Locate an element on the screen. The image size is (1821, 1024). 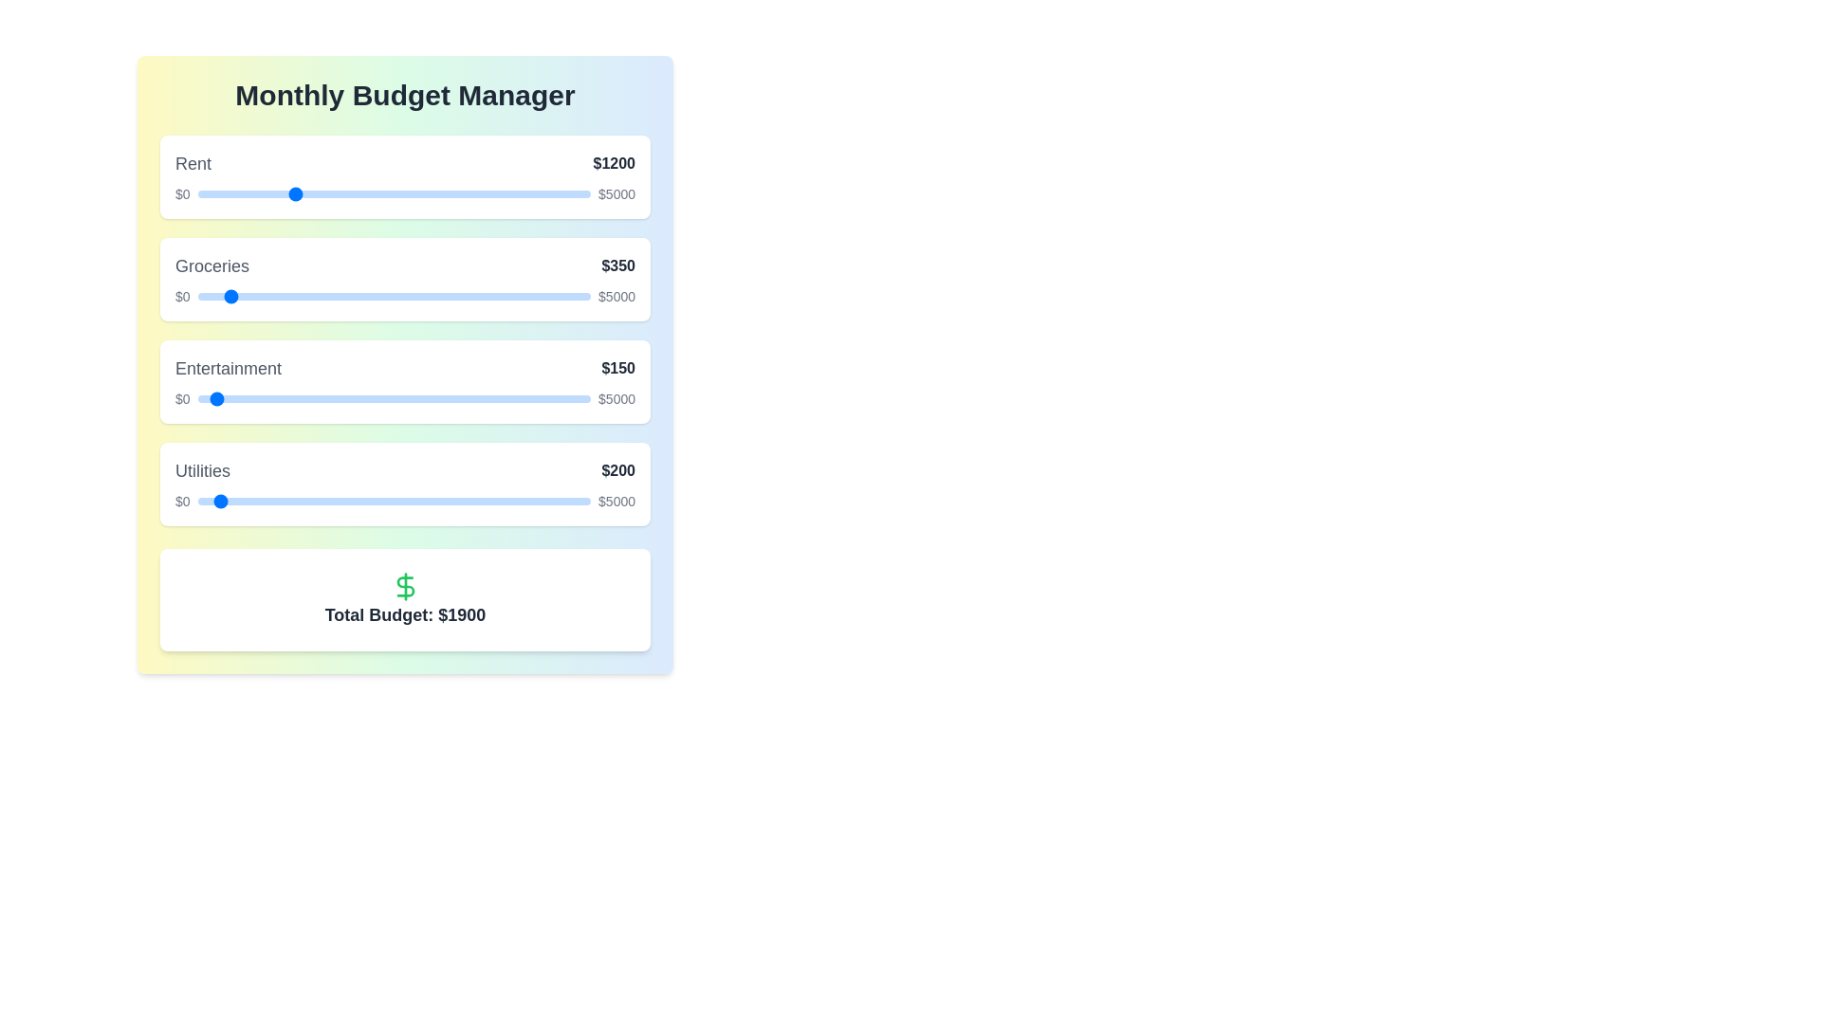
the value of the slider is located at coordinates (367, 397).